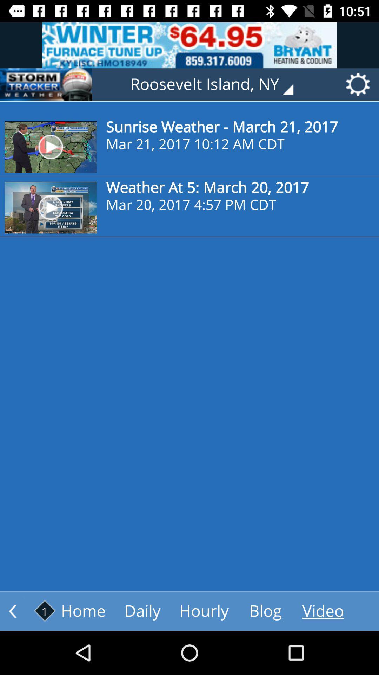  Describe the element at coordinates (13, 611) in the screenshot. I see `go back` at that location.